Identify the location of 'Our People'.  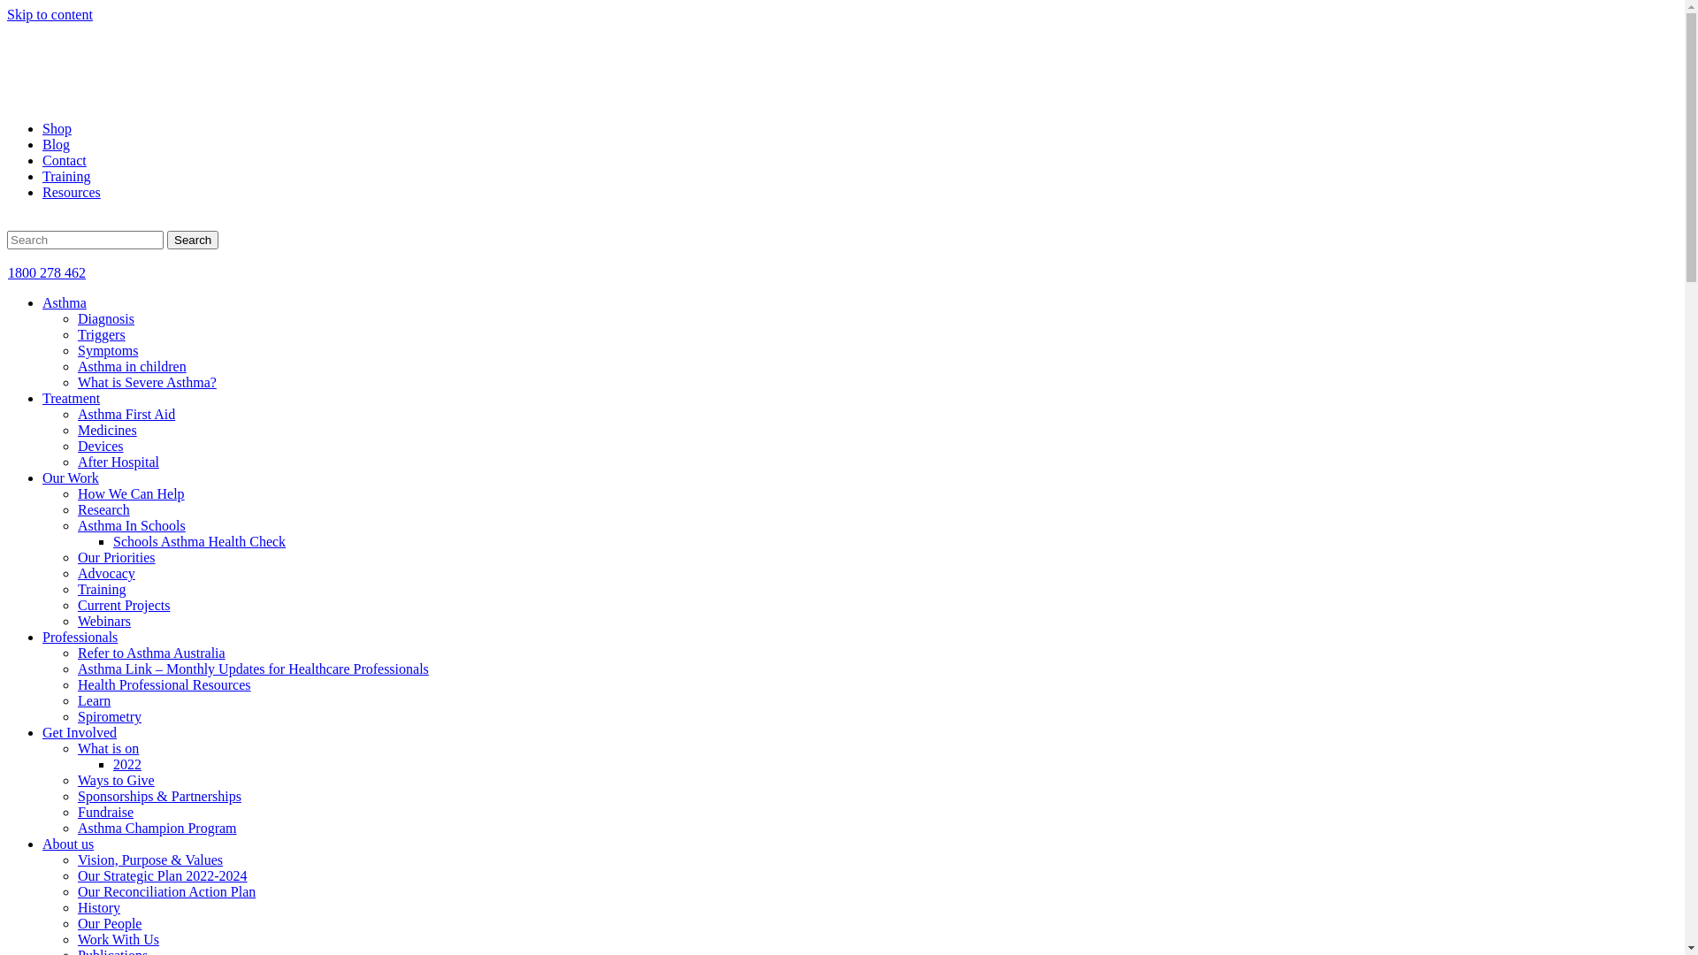
(109, 922).